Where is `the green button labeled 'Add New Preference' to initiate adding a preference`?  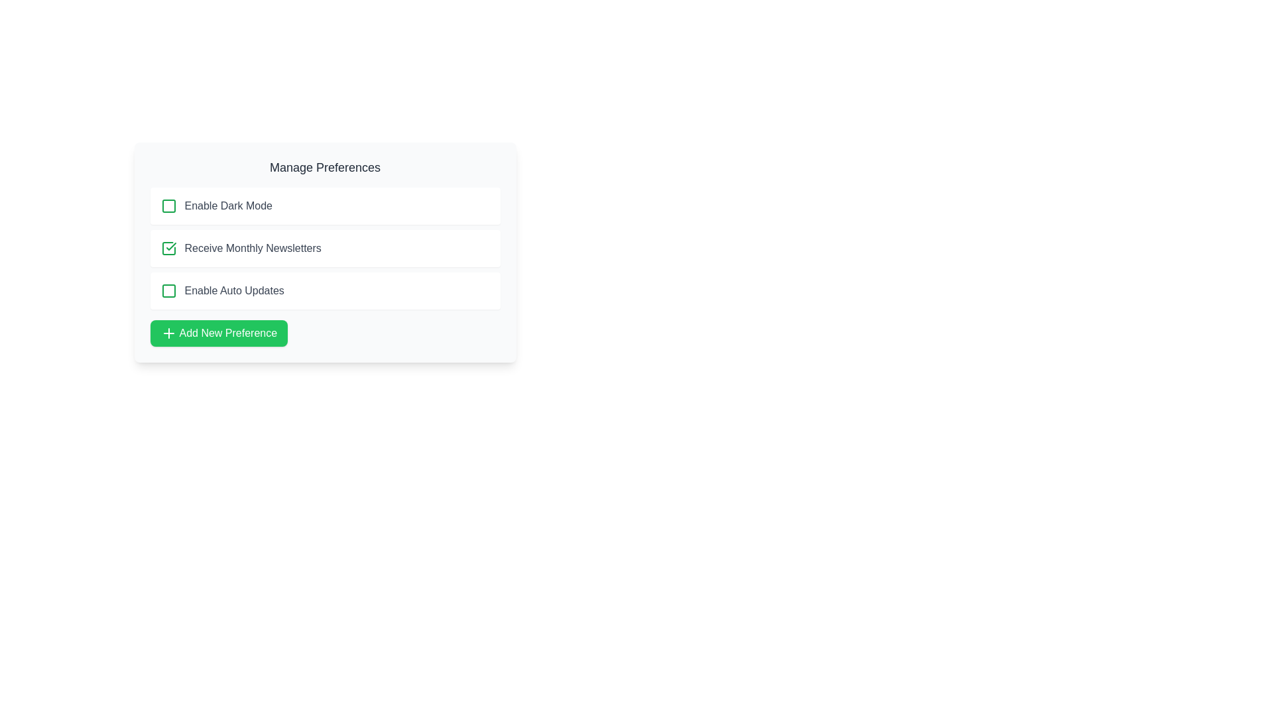 the green button labeled 'Add New Preference' to initiate adding a preference is located at coordinates (219, 332).